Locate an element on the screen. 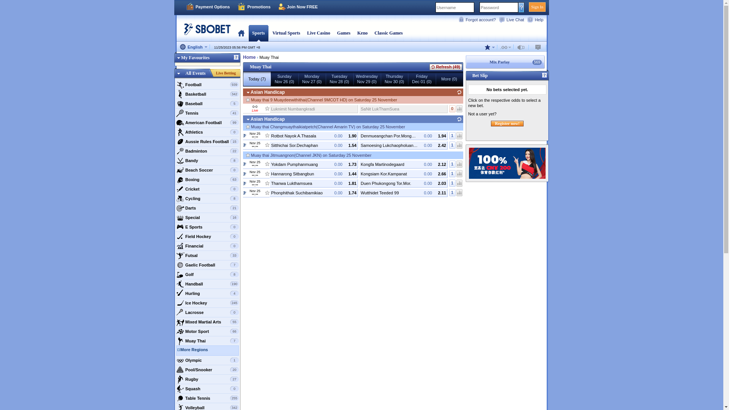 This screenshot has width=729, height=410. 'E Sports is located at coordinates (207, 226).